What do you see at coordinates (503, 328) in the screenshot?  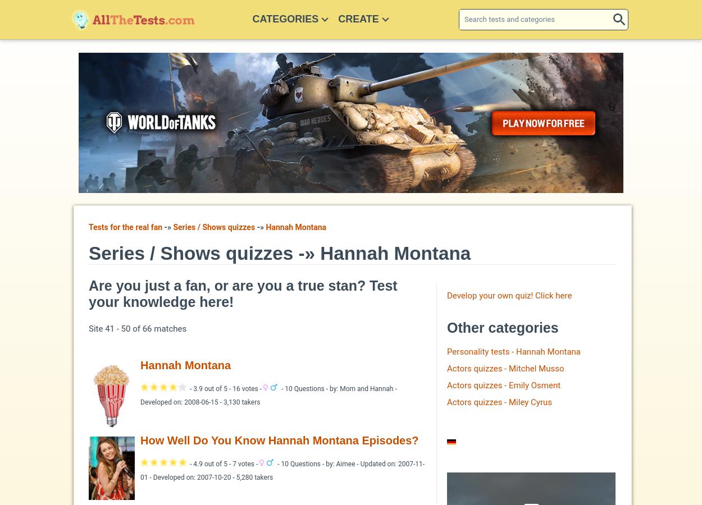 I see `'Other categories'` at bounding box center [503, 328].